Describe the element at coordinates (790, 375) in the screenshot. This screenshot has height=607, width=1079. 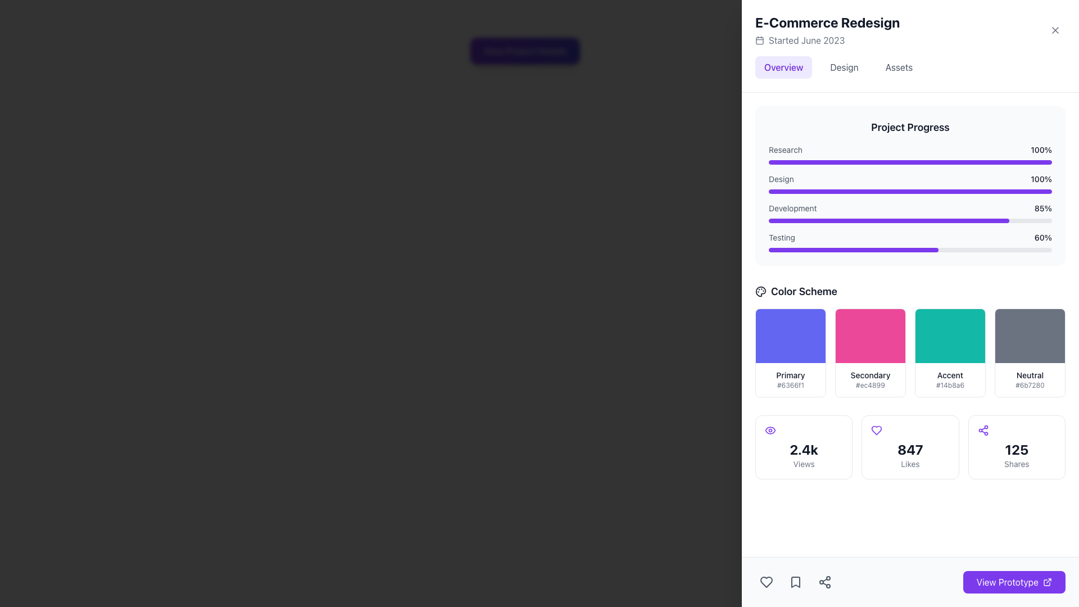
I see `the Text label that describes the associated color block labeled 'Primary' in the 'Color Scheme' section, located under the blue color block and above the color code '#6366f1'` at that location.